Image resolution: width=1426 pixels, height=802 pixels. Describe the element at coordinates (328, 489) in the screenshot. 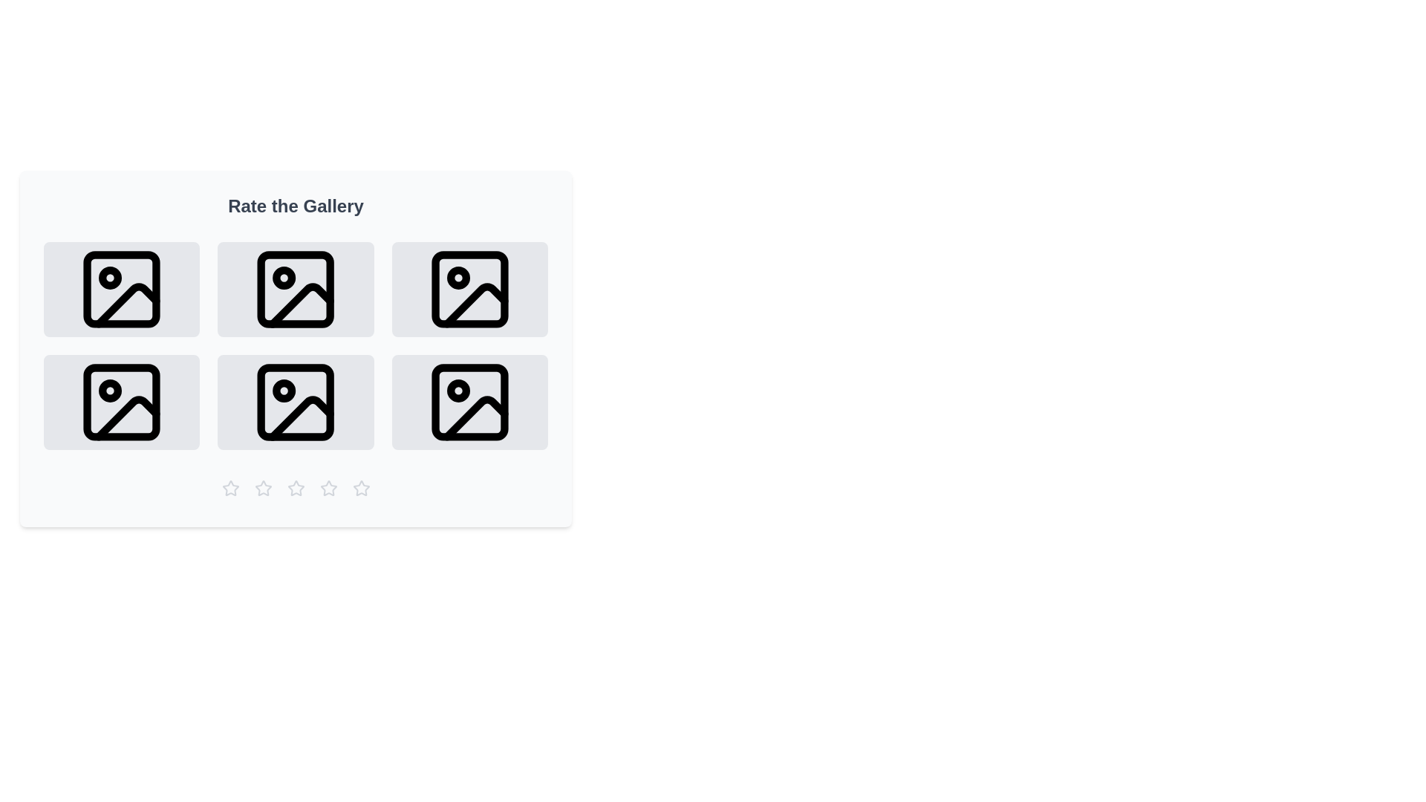

I see `the gallery rating to 4 stars by clicking the corresponding star` at that location.